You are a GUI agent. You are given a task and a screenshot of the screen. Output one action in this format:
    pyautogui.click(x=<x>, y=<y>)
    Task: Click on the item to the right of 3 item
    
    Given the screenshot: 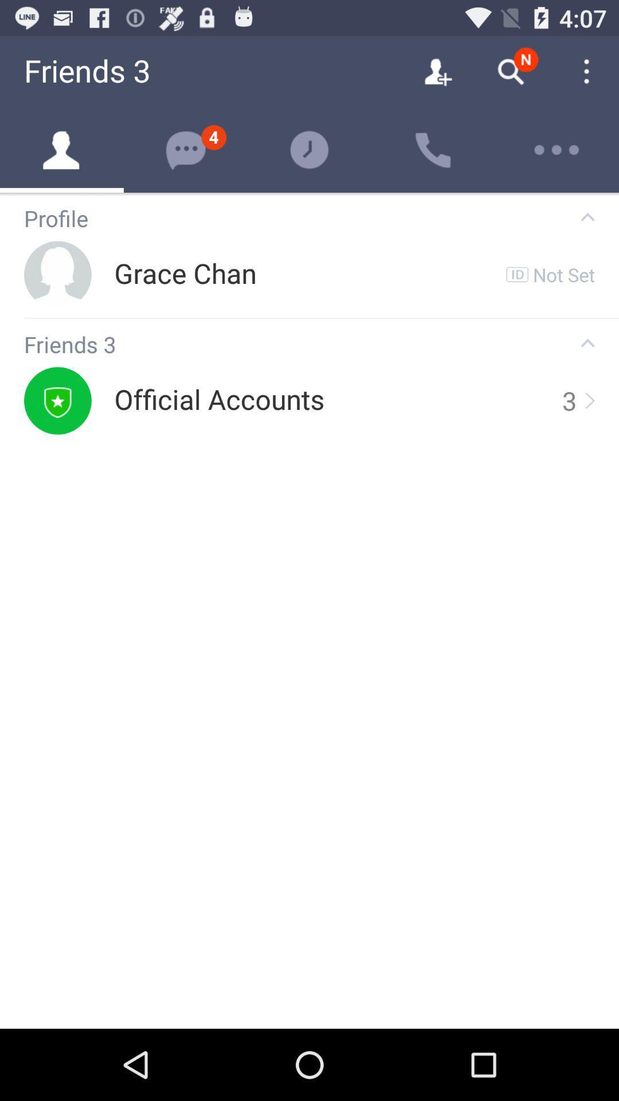 What is the action you would take?
    pyautogui.click(x=589, y=400)
    